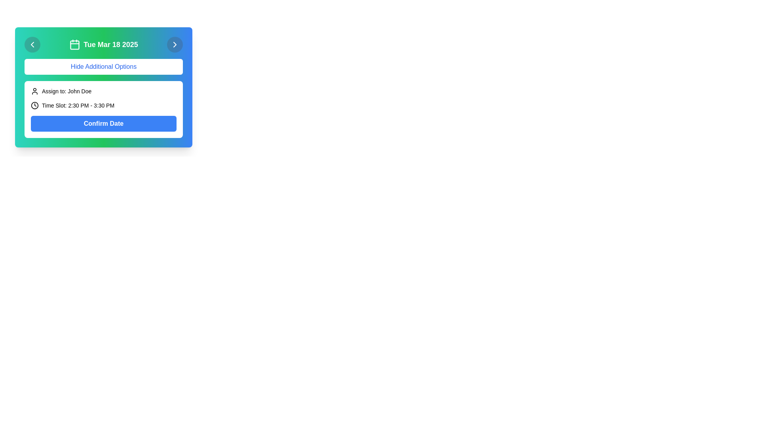  What do you see at coordinates (75, 45) in the screenshot?
I see `the larger filled rectangle within the calendar icon located at the top-left corner of the widget's header` at bounding box center [75, 45].